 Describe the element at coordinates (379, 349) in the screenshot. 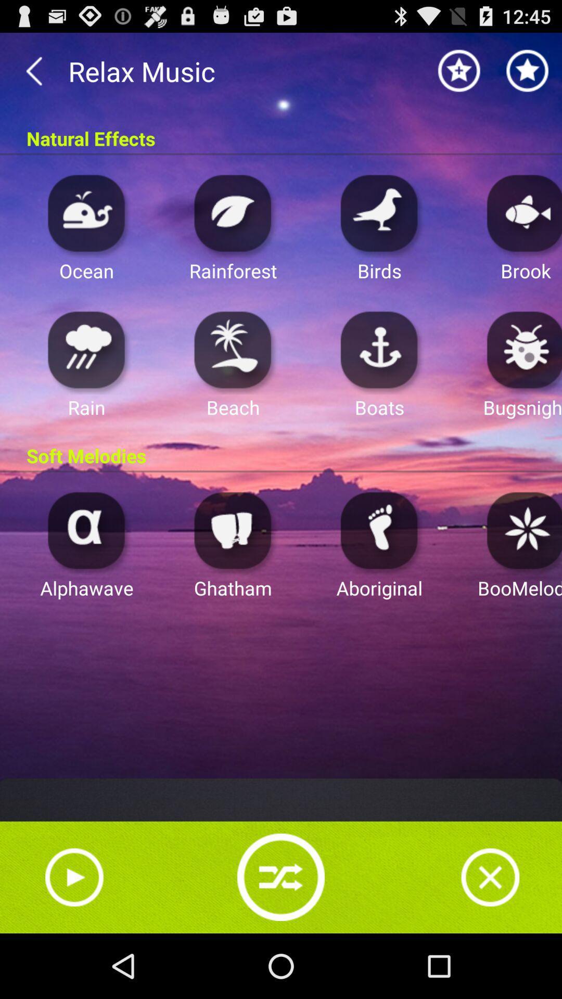

I see `boat sounds` at that location.